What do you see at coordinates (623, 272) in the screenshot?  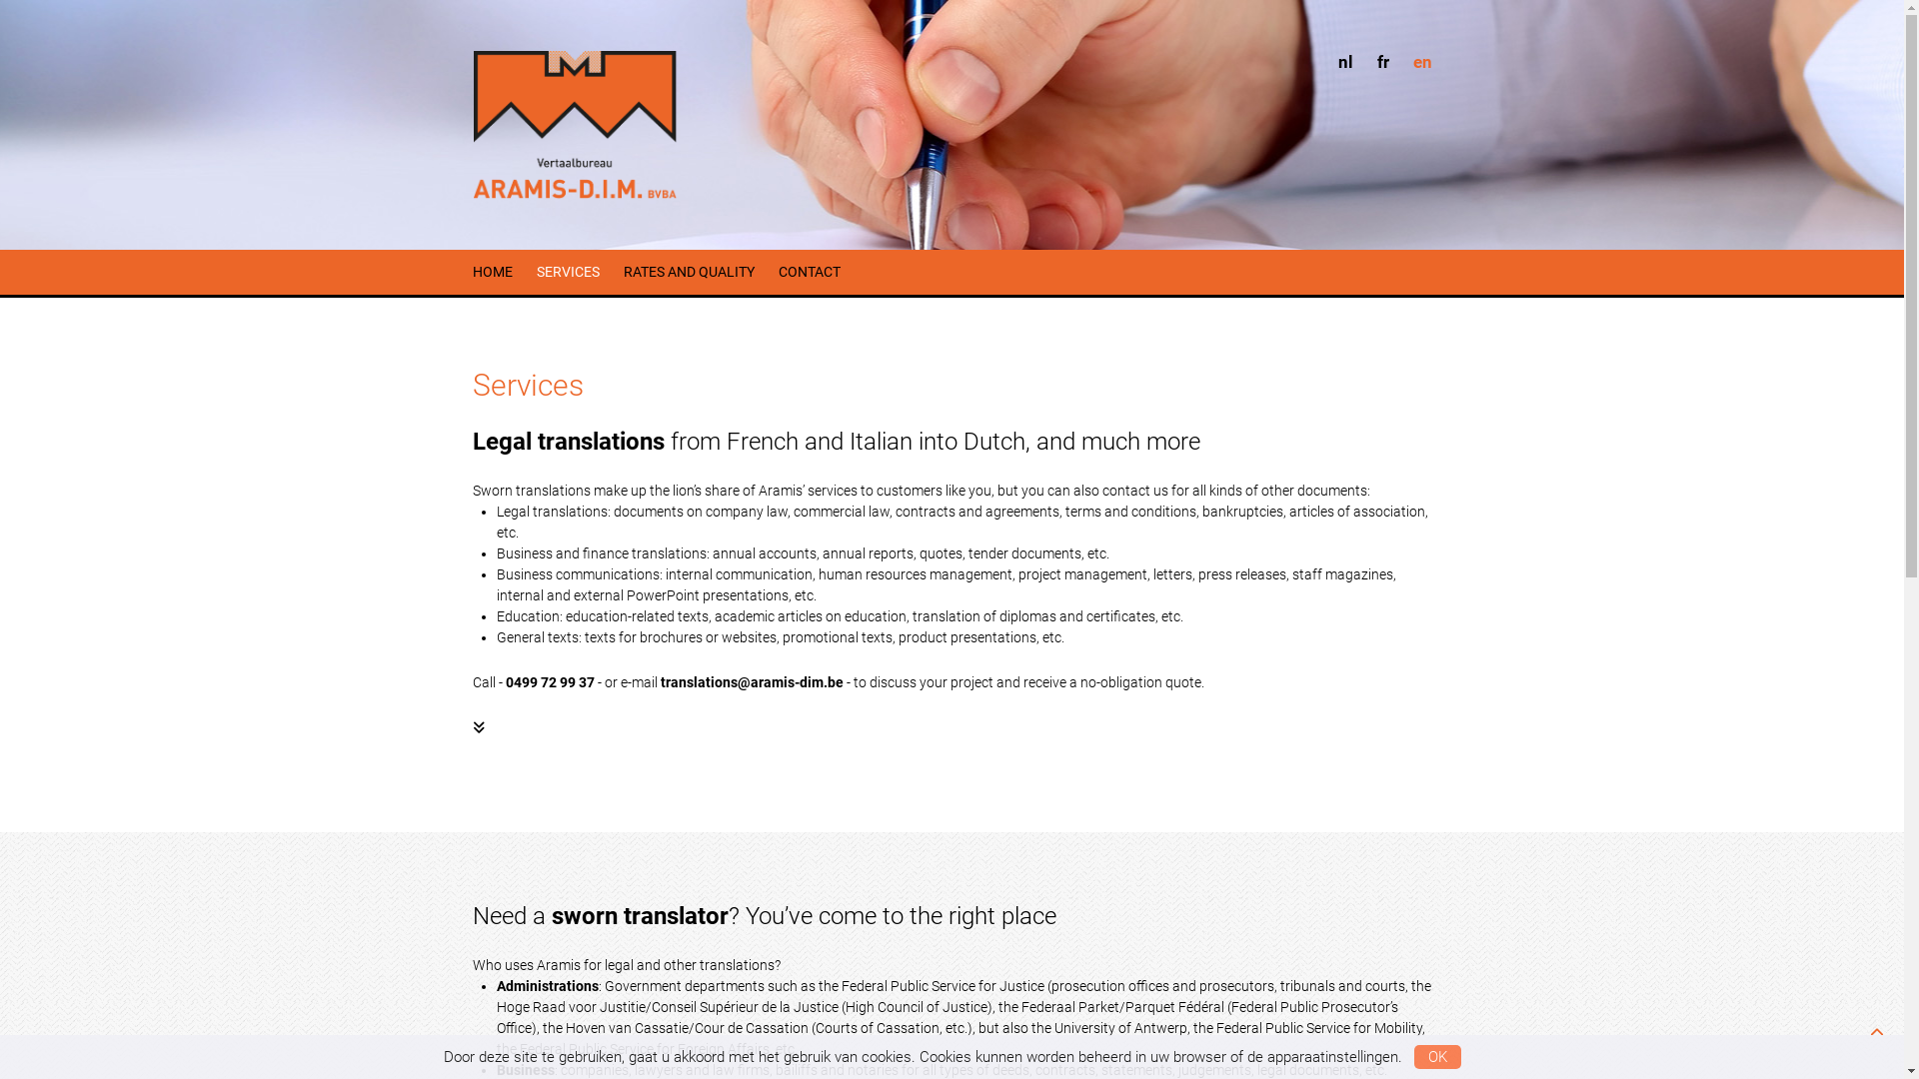 I see `'RATES AND QUALITY'` at bounding box center [623, 272].